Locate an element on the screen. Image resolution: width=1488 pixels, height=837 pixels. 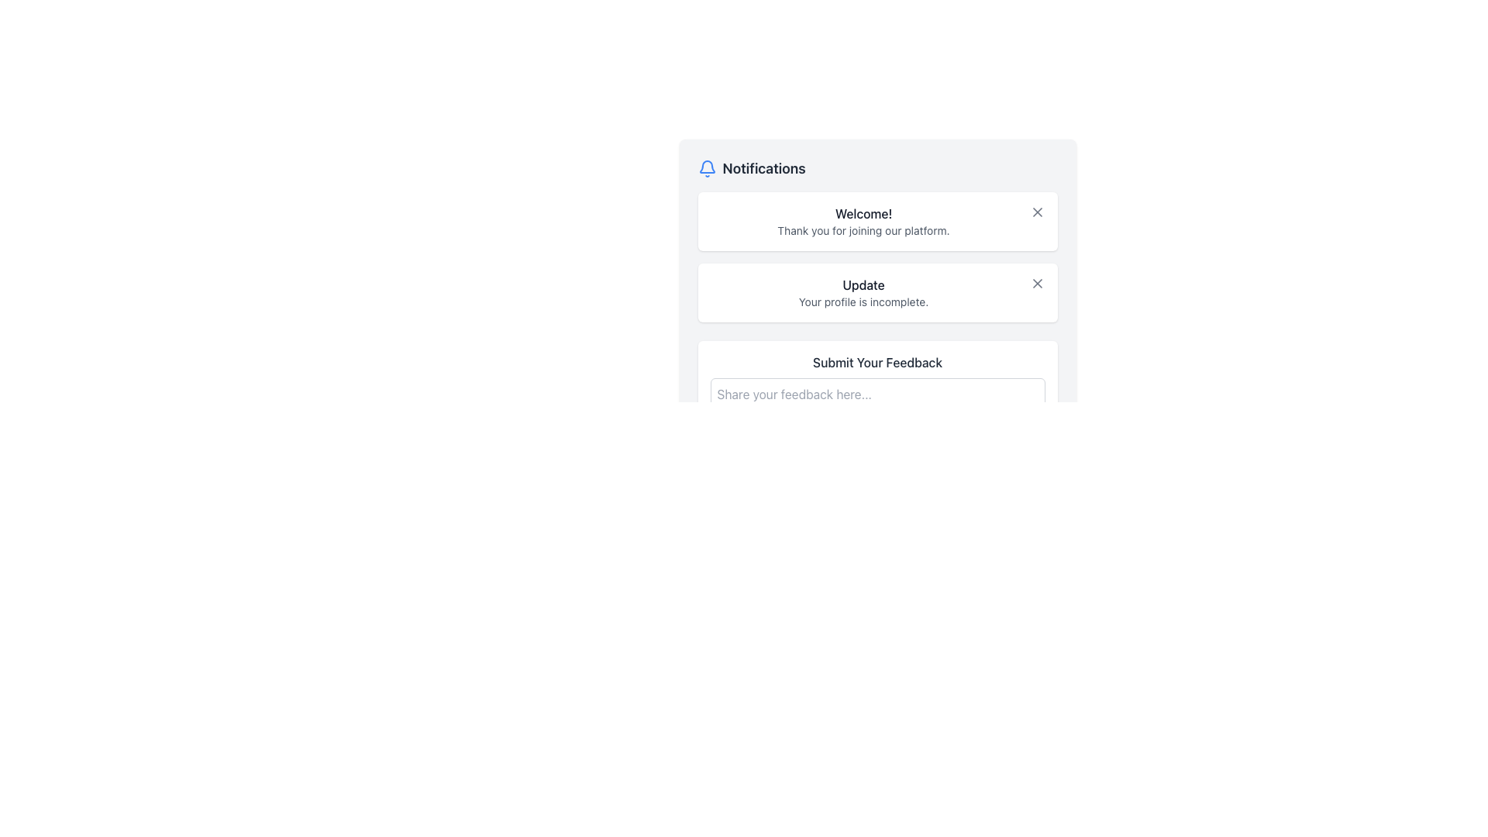
the Text Block that displays 'Update' and 'Your profile is incomplete.' in the notifications panel is located at coordinates (863, 293).